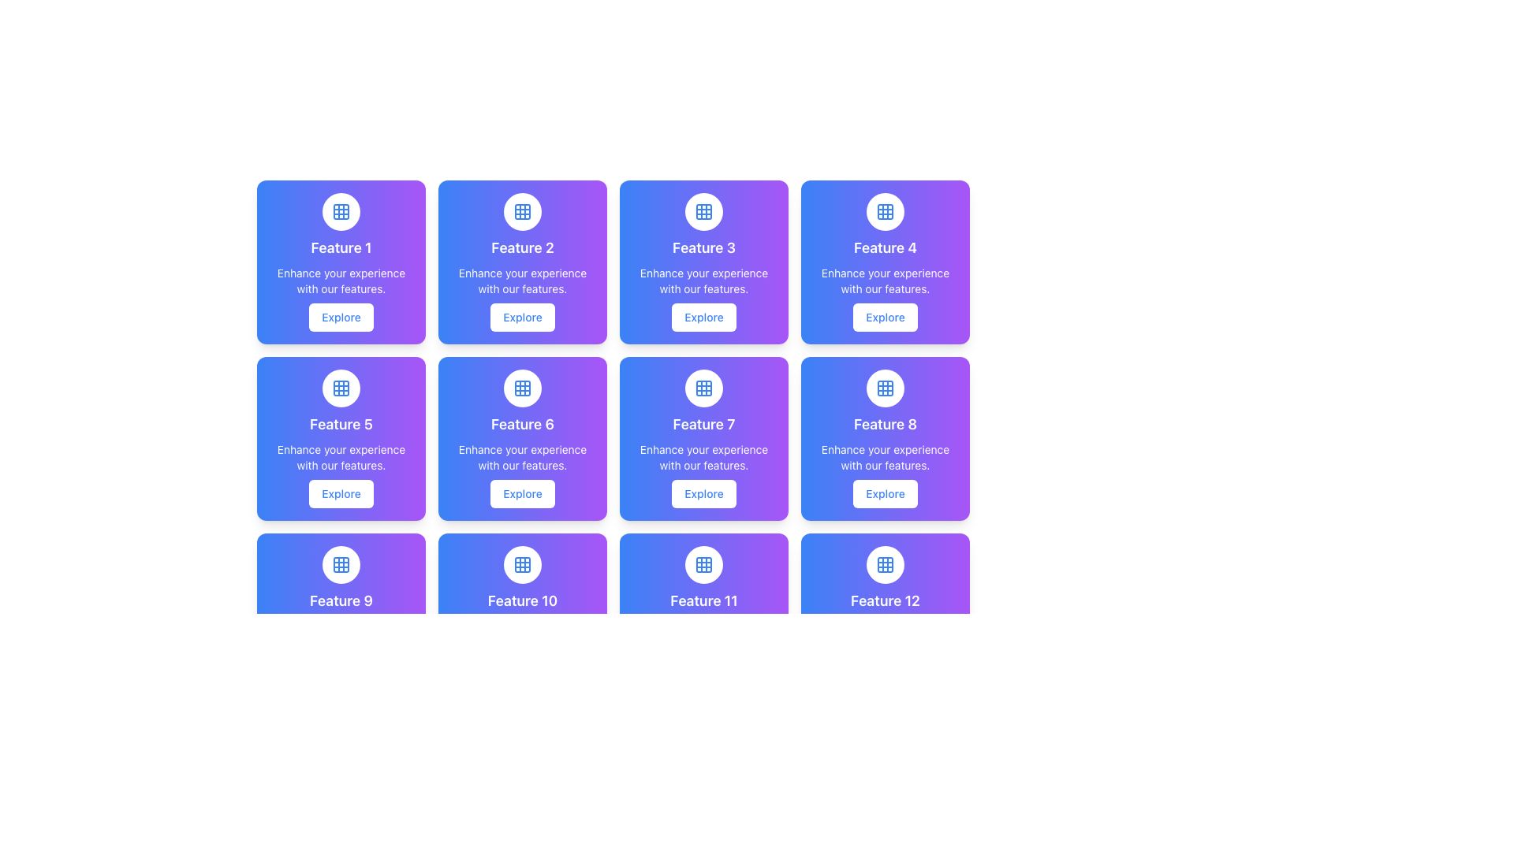 This screenshot has width=1514, height=851. What do you see at coordinates (886, 281) in the screenshot?
I see `the static text element located in the fourth card of the grid layout, which provides additional context below the title 'Feature 4' and above the 'Explore' button` at bounding box center [886, 281].